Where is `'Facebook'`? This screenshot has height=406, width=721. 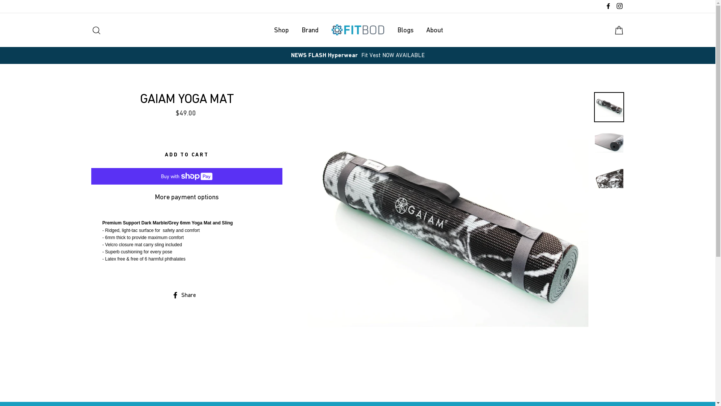 'Facebook' is located at coordinates (603, 6).